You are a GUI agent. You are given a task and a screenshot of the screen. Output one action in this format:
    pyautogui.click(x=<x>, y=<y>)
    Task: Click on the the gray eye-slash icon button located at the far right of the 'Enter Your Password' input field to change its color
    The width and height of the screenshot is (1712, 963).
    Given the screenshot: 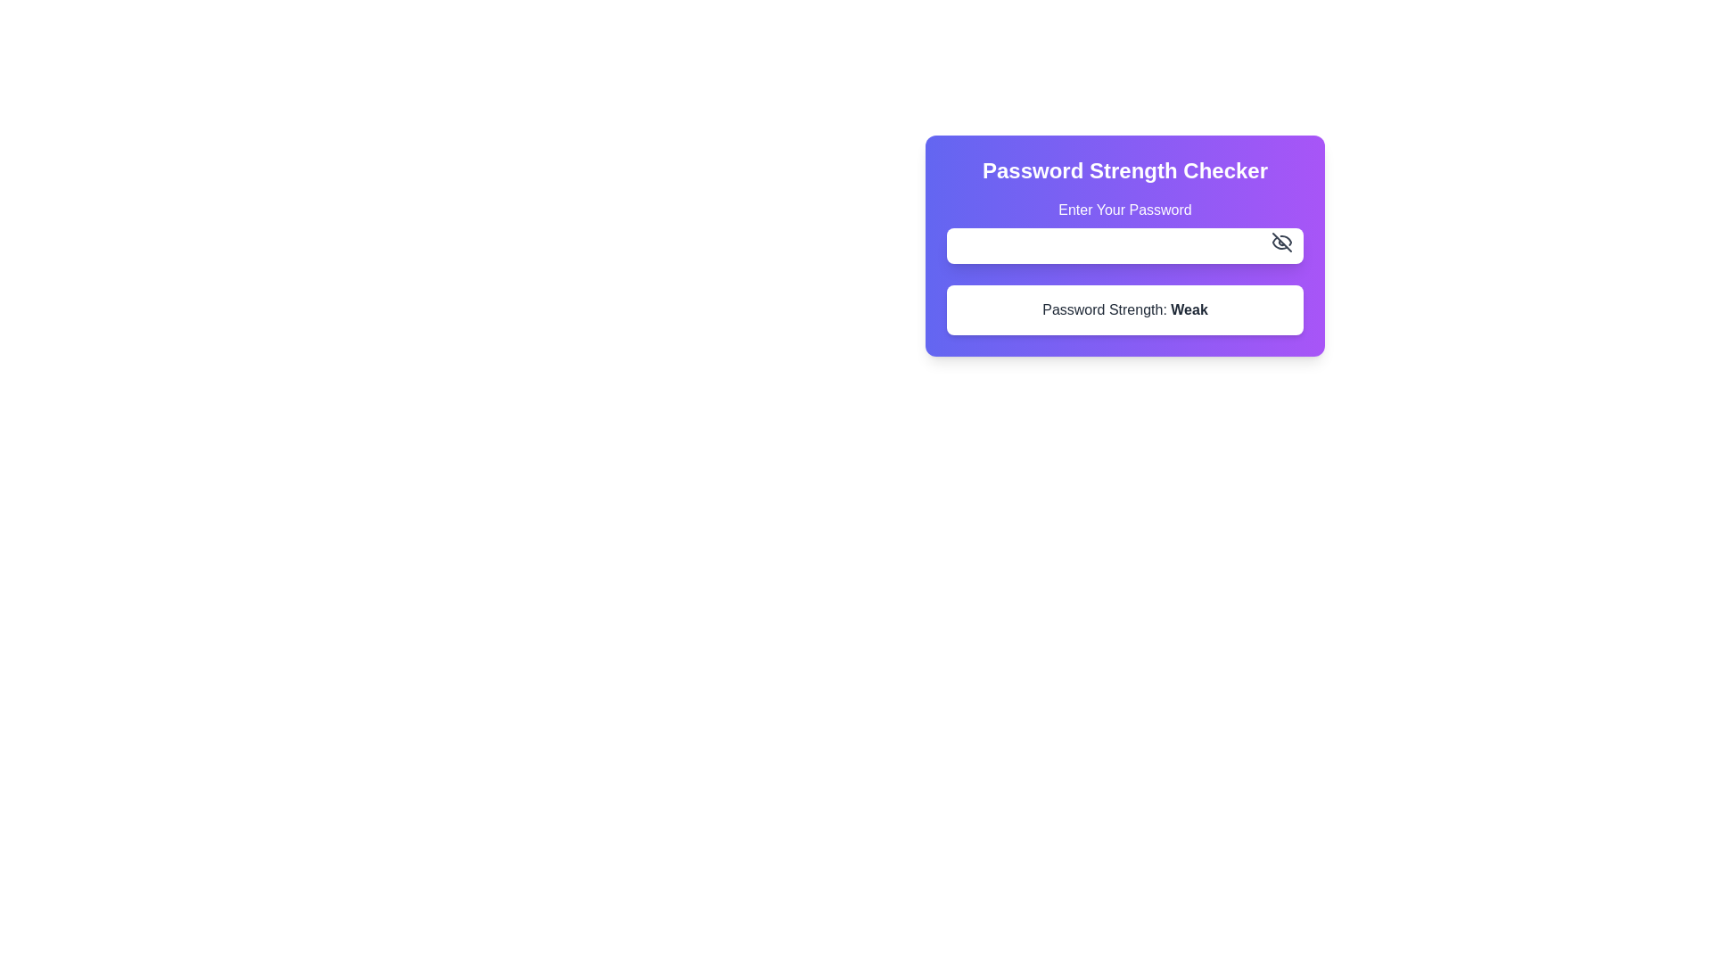 What is the action you would take?
    pyautogui.click(x=1281, y=243)
    